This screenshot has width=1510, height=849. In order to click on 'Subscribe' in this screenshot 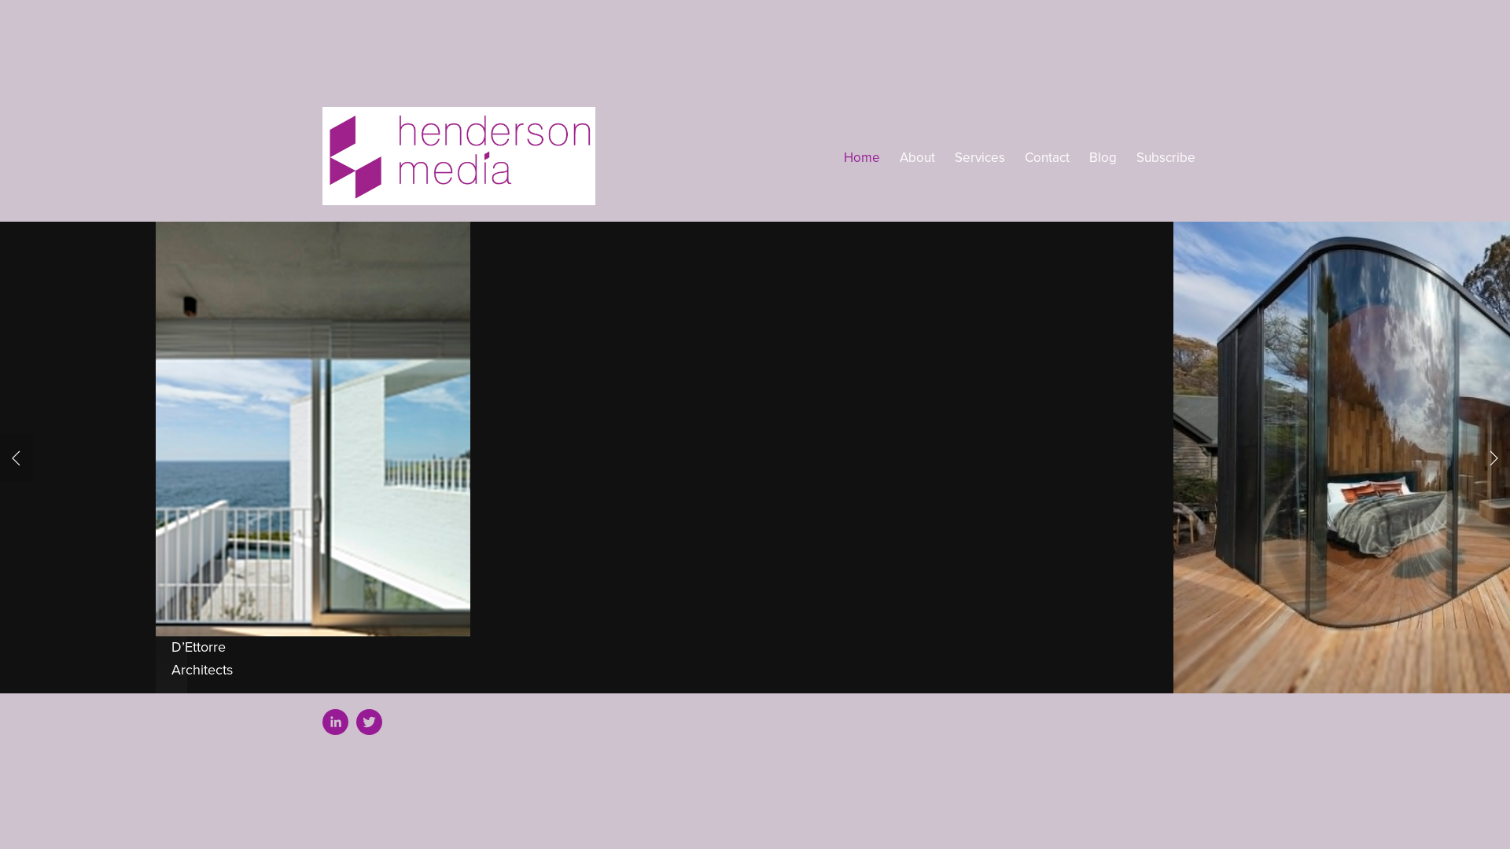, I will do `click(1136, 157)`.